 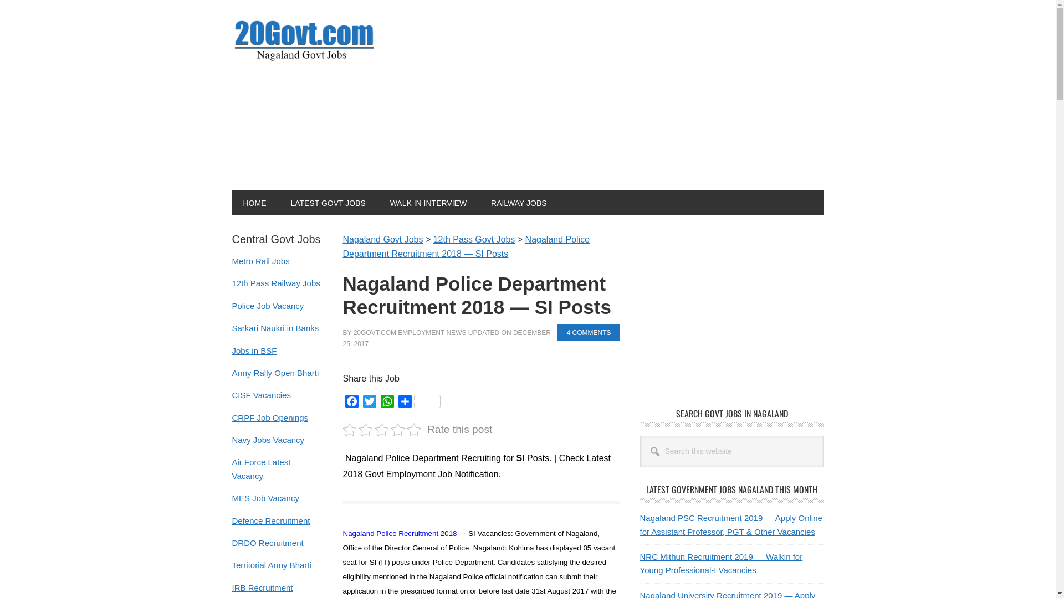 What do you see at coordinates (275, 327) in the screenshot?
I see `'Sarkari Naukri in Banks'` at bounding box center [275, 327].